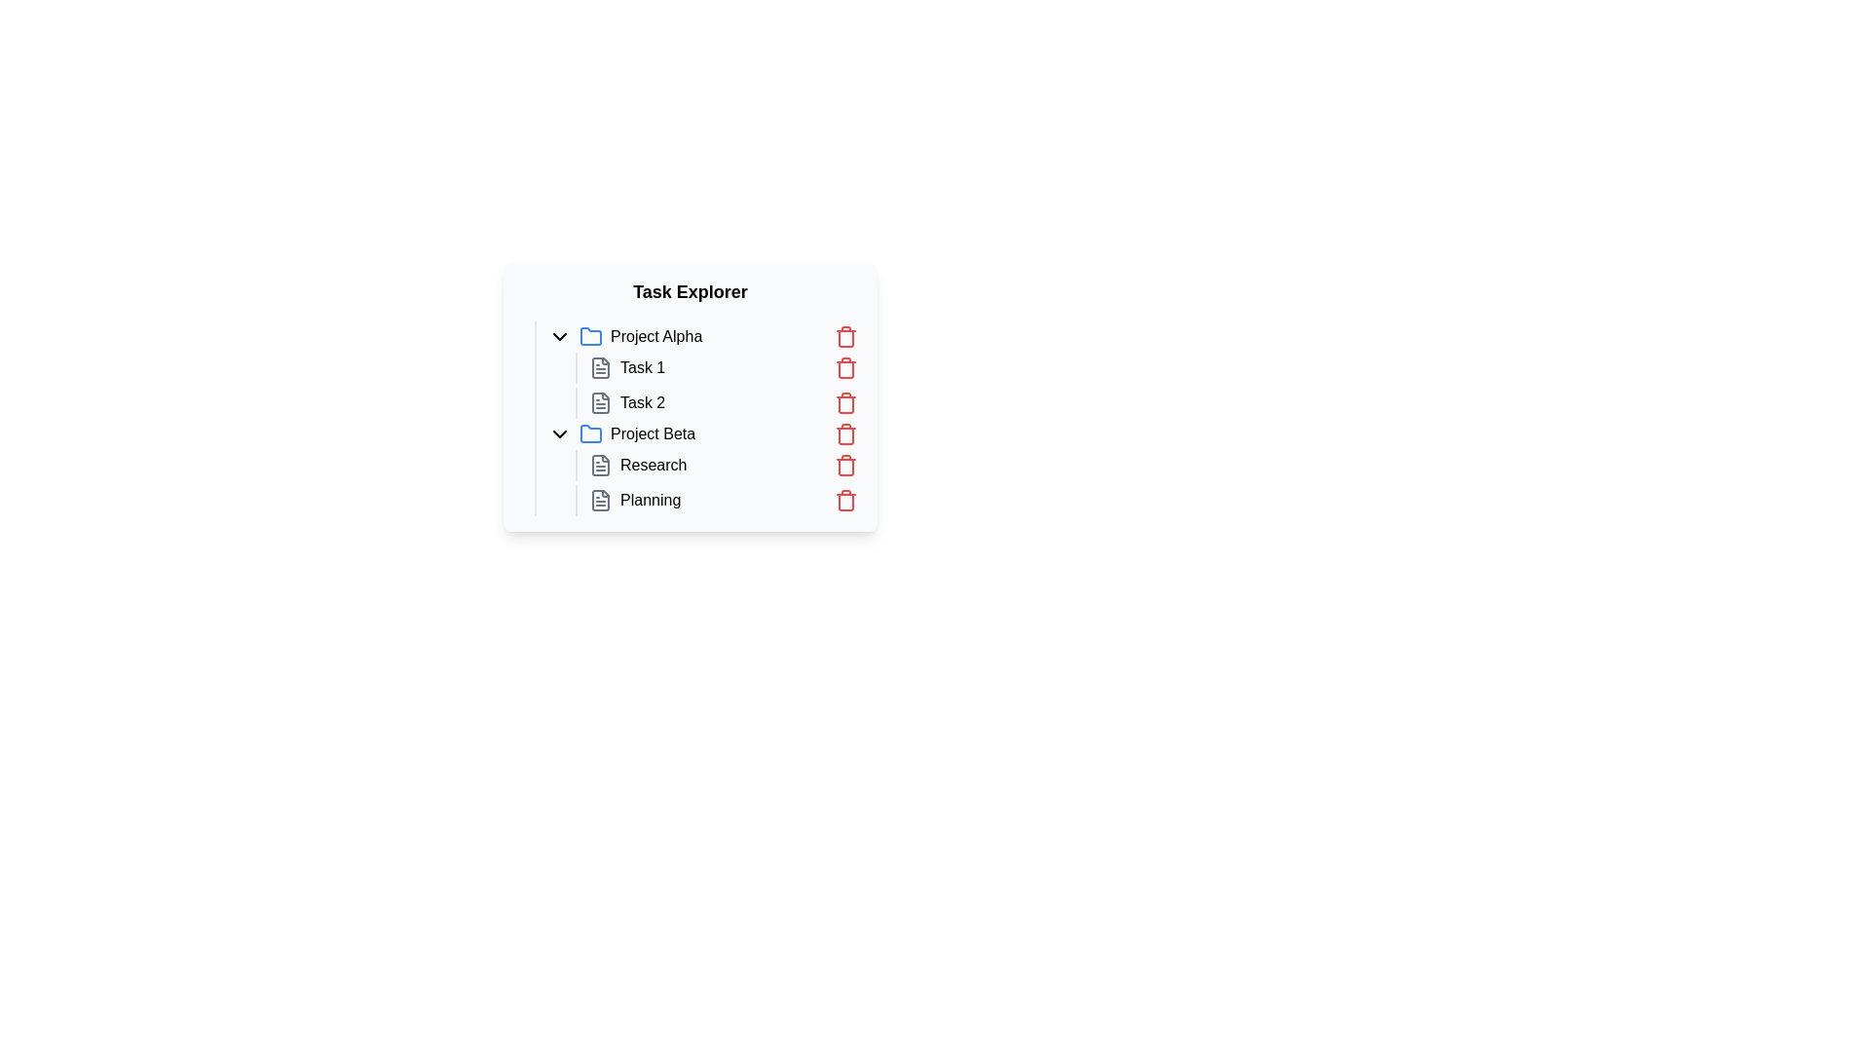 The height and width of the screenshot is (1052, 1870). What do you see at coordinates (600, 466) in the screenshot?
I see `the file or document icon located in the 'Task Explorer' panel next to the 'Research' task under 'Project Beta'` at bounding box center [600, 466].